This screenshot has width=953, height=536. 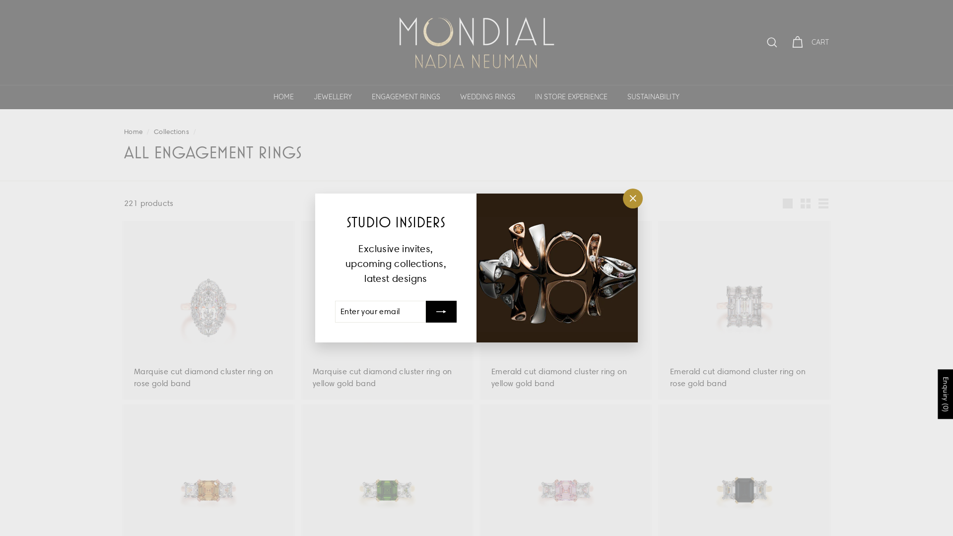 I want to click on '"Close (esc)"', so click(x=622, y=199).